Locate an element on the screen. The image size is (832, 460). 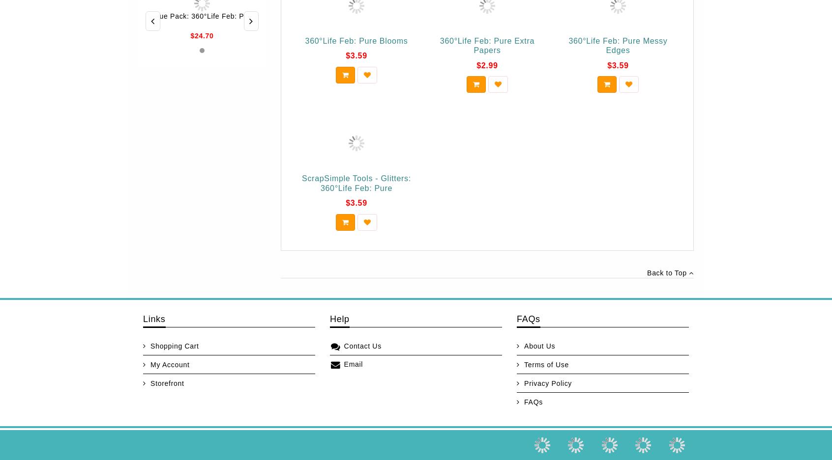
'Back to Top' is located at coordinates (647, 272).